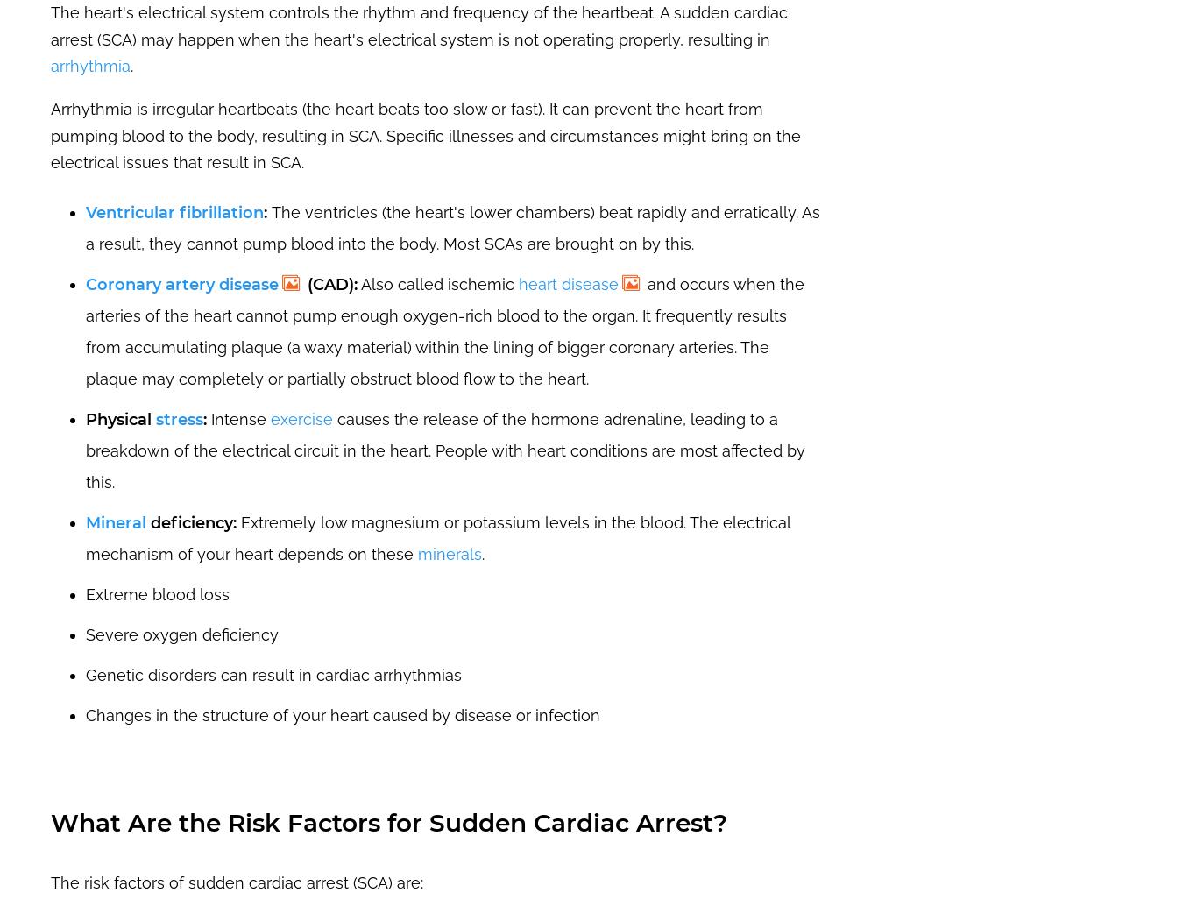 The width and height of the screenshot is (1197, 914). What do you see at coordinates (445, 330) in the screenshot?
I see `'and occurs when the arteries of the heart cannot pump enough oxygen-rich blood to the organ. It frequently results from accumulating plaque (a waxy material) within the lining of bigger coronary arteries. The plaque may completely or partially obstruct blood flow to the heart.'` at bounding box center [445, 330].